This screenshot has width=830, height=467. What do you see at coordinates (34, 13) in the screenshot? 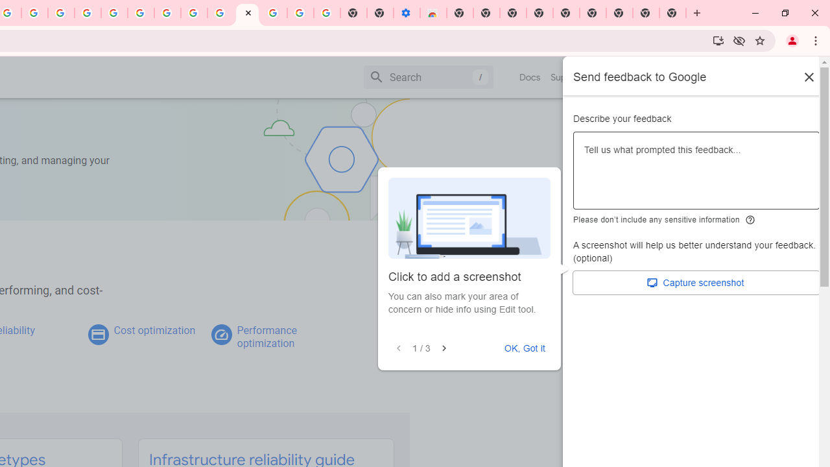
I see `'Create your Google Account'` at bounding box center [34, 13].